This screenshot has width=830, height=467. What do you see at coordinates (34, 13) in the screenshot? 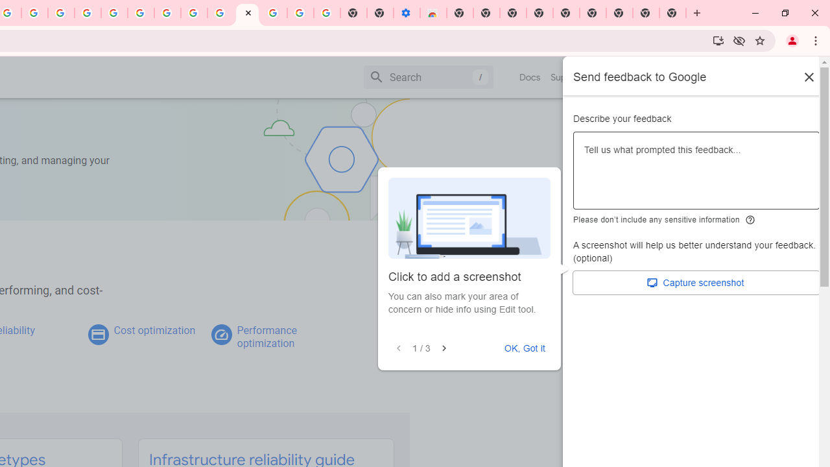
I see `'Create your Google Account'` at bounding box center [34, 13].